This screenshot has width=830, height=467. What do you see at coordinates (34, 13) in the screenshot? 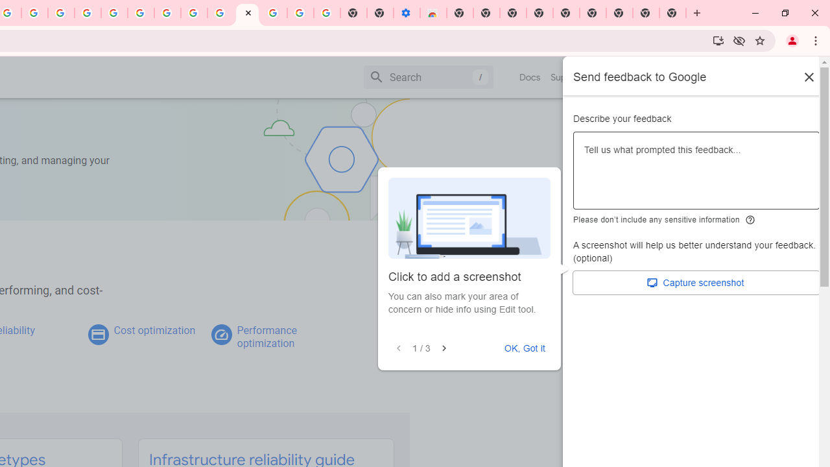
I see `'Create your Google Account'` at bounding box center [34, 13].